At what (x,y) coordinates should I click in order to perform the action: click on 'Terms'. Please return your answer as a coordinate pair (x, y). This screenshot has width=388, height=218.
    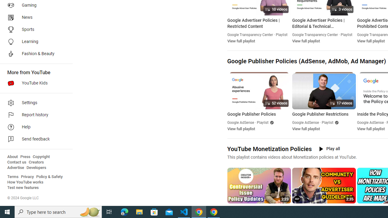
    Looking at the image, I should click on (13, 177).